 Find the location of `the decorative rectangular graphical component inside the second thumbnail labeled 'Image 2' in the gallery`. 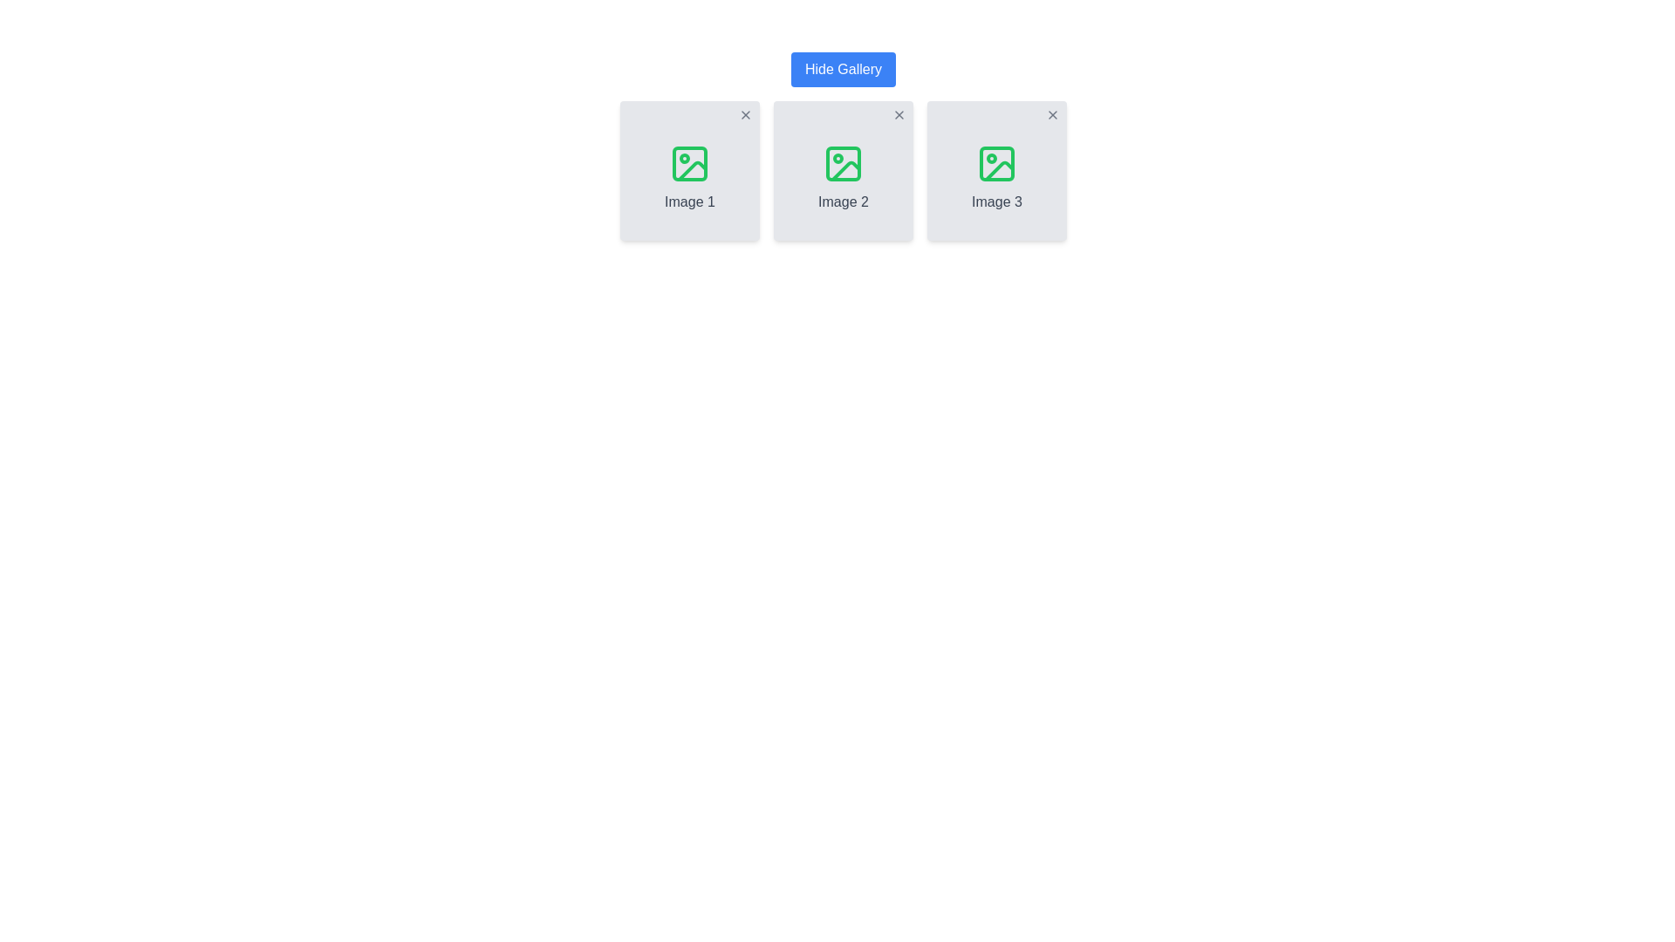

the decorative rectangular graphical component inside the second thumbnail labeled 'Image 2' in the gallery is located at coordinates (843, 164).